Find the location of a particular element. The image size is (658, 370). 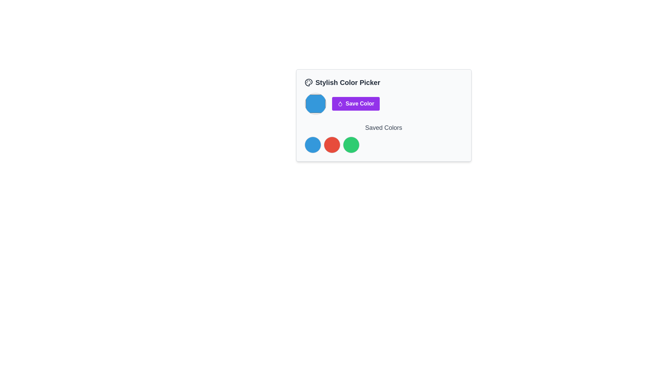

the first circular color representation element is located at coordinates (312, 145).